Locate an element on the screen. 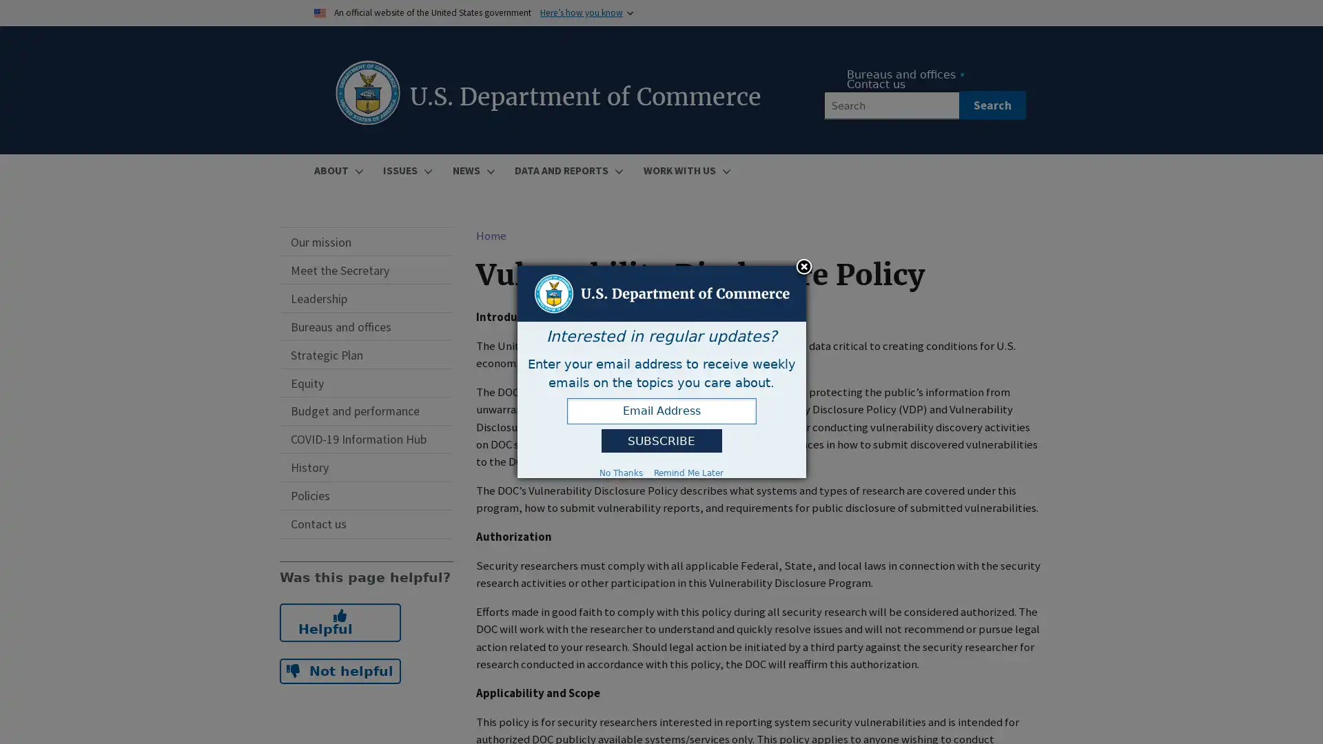 Image resolution: width=1323 pixels, height=744 pixels. Search is located at coordinates (991, 105).